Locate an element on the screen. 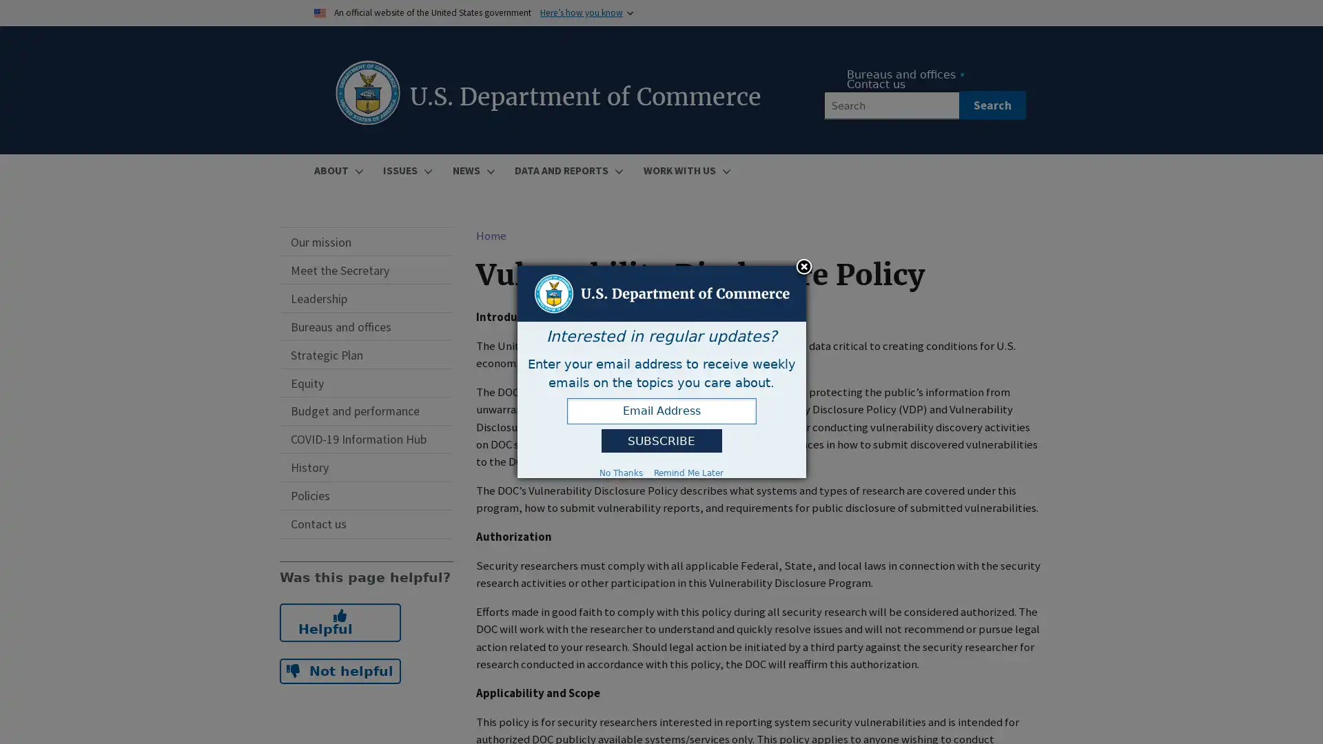 Image resolution: width=1323 pixels, height=744 pixels. Search is located at coordinates (991, 105).